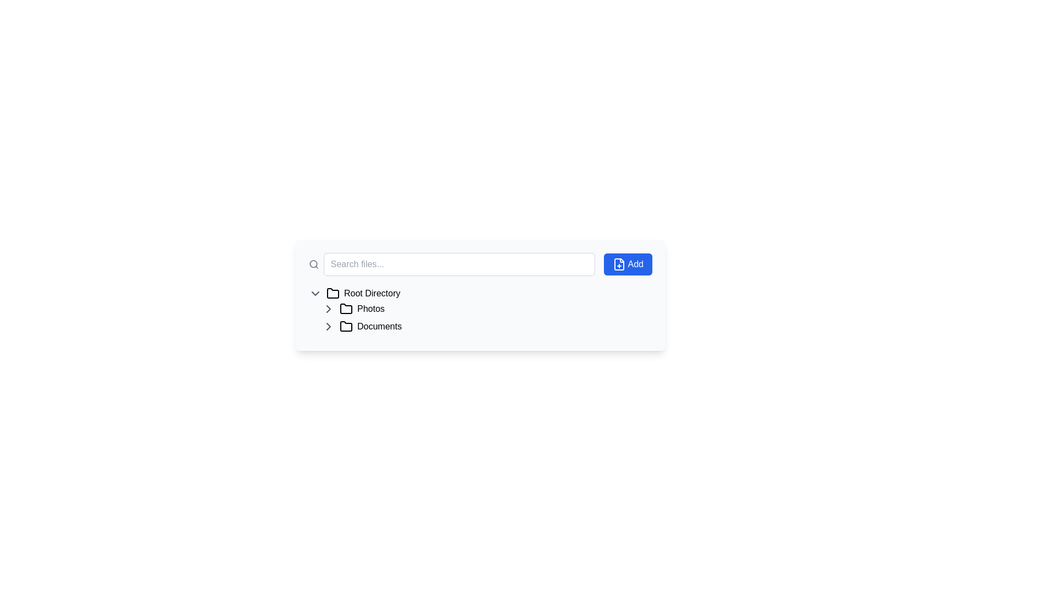 Image resolution: width=1057 pixels, height=595 pixels. What do you see at coordinates (481, 293) in the screenshot?
I see `the 'Root Directory' entry` at bounding box center [481, 293].